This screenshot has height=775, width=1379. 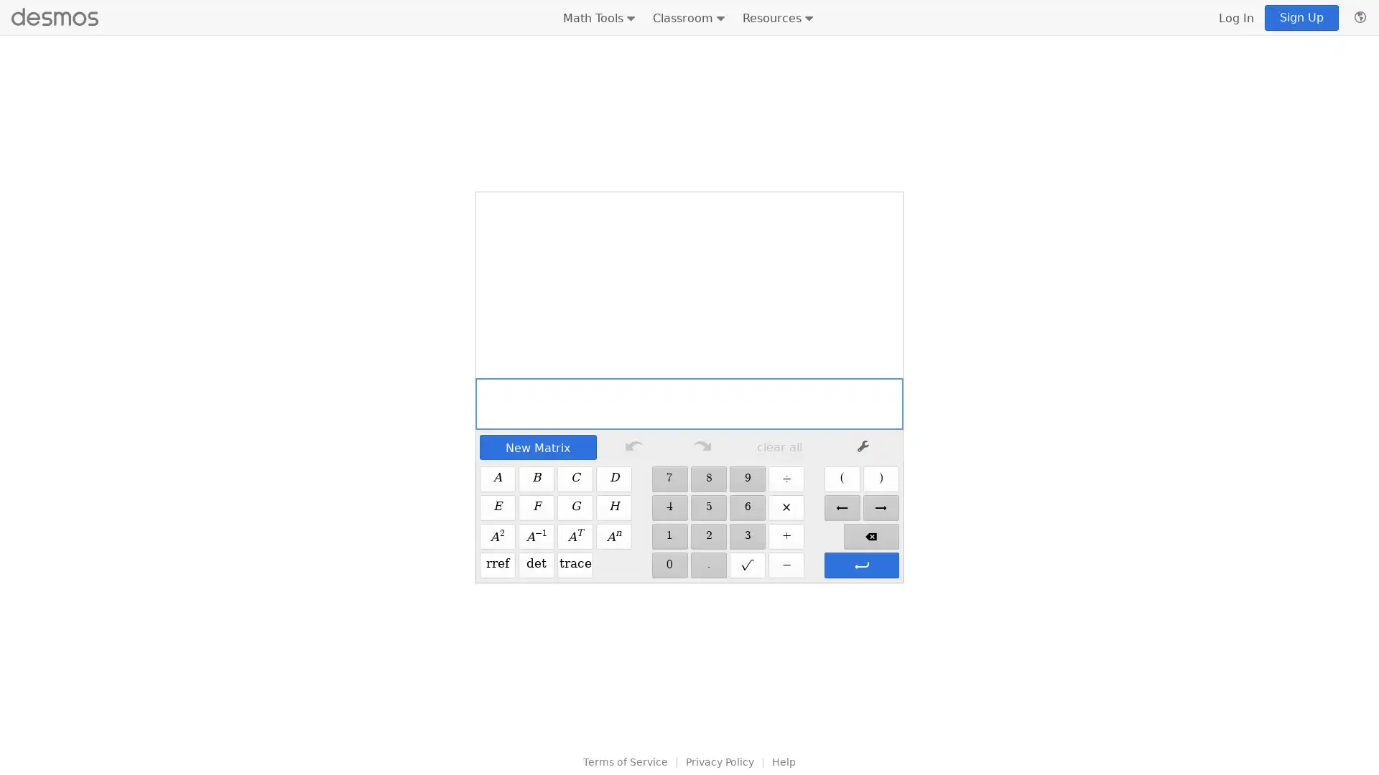 What do you see at coordinates (575, 564) in the screenshot?
I see `Trace` at bounding box center [575, 564].